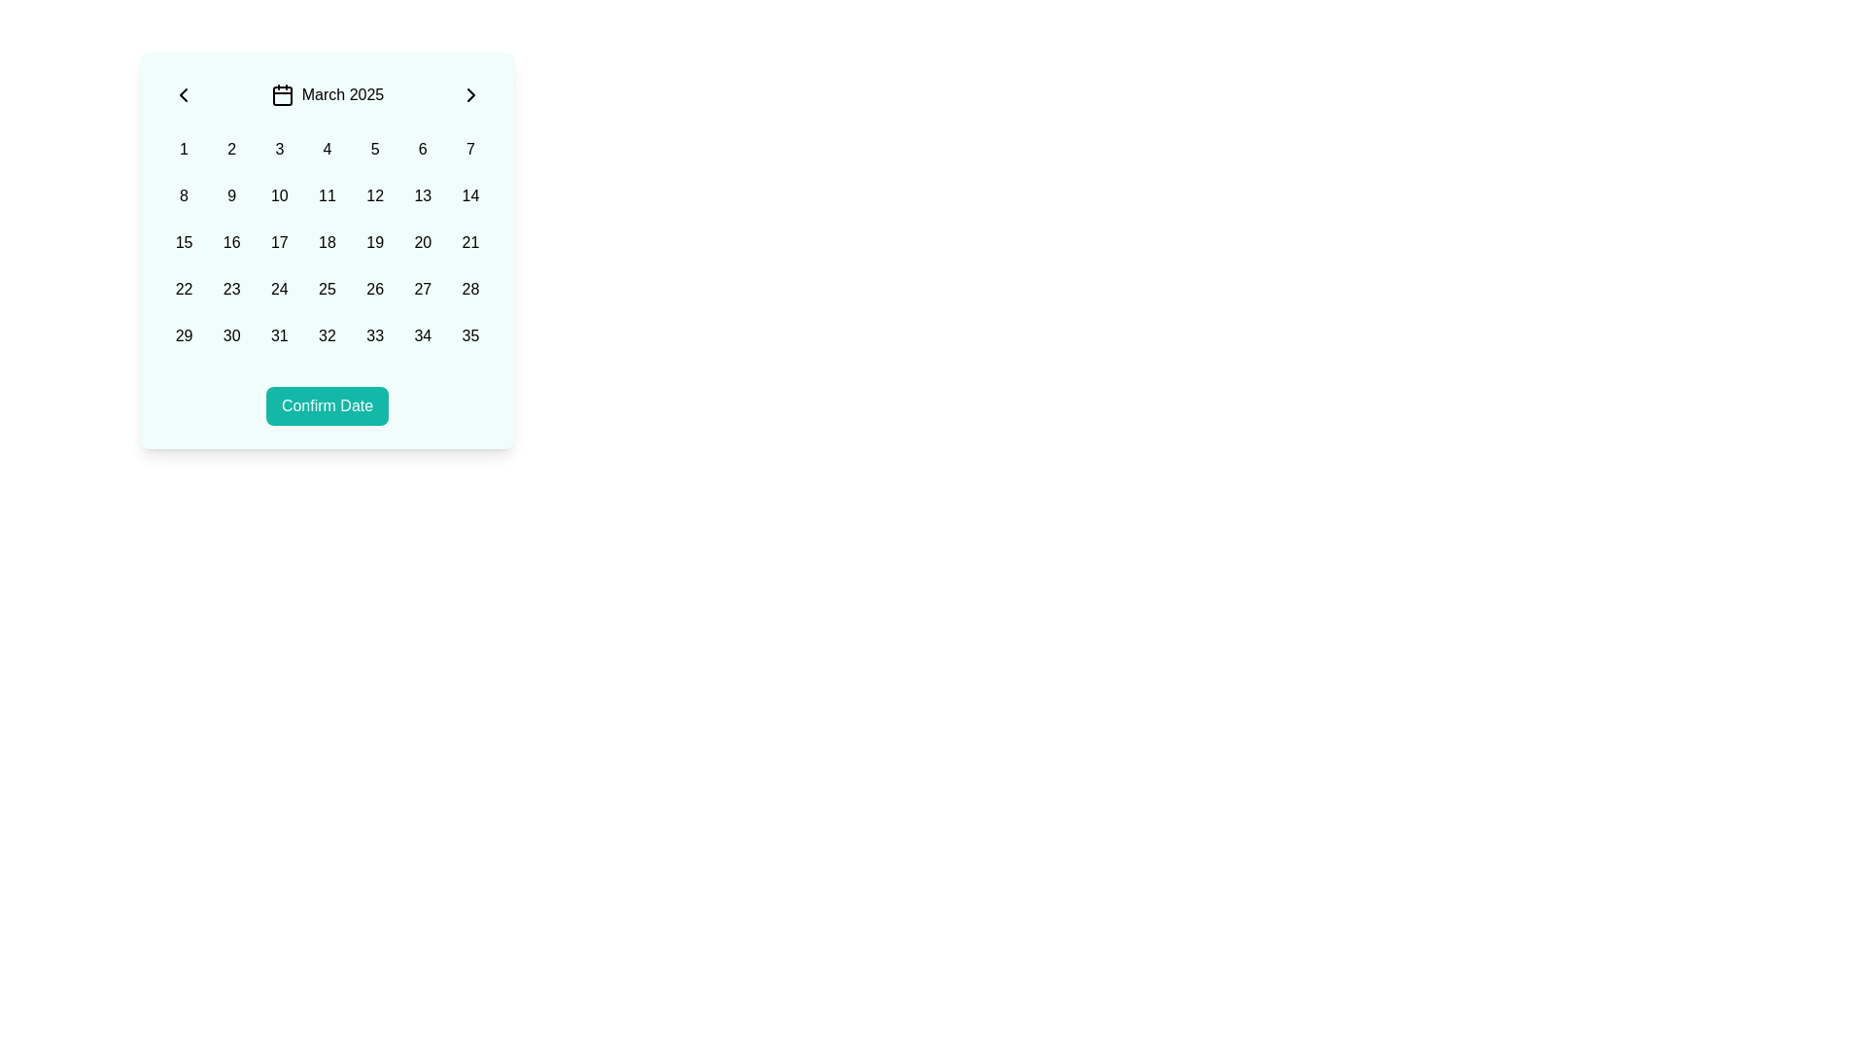 This screenshot has height=1050, width=1866. Describe the element at coordinates (422, 149) in the screenshot. I see `the sixth button in the first row of the calendar grid` at that location.